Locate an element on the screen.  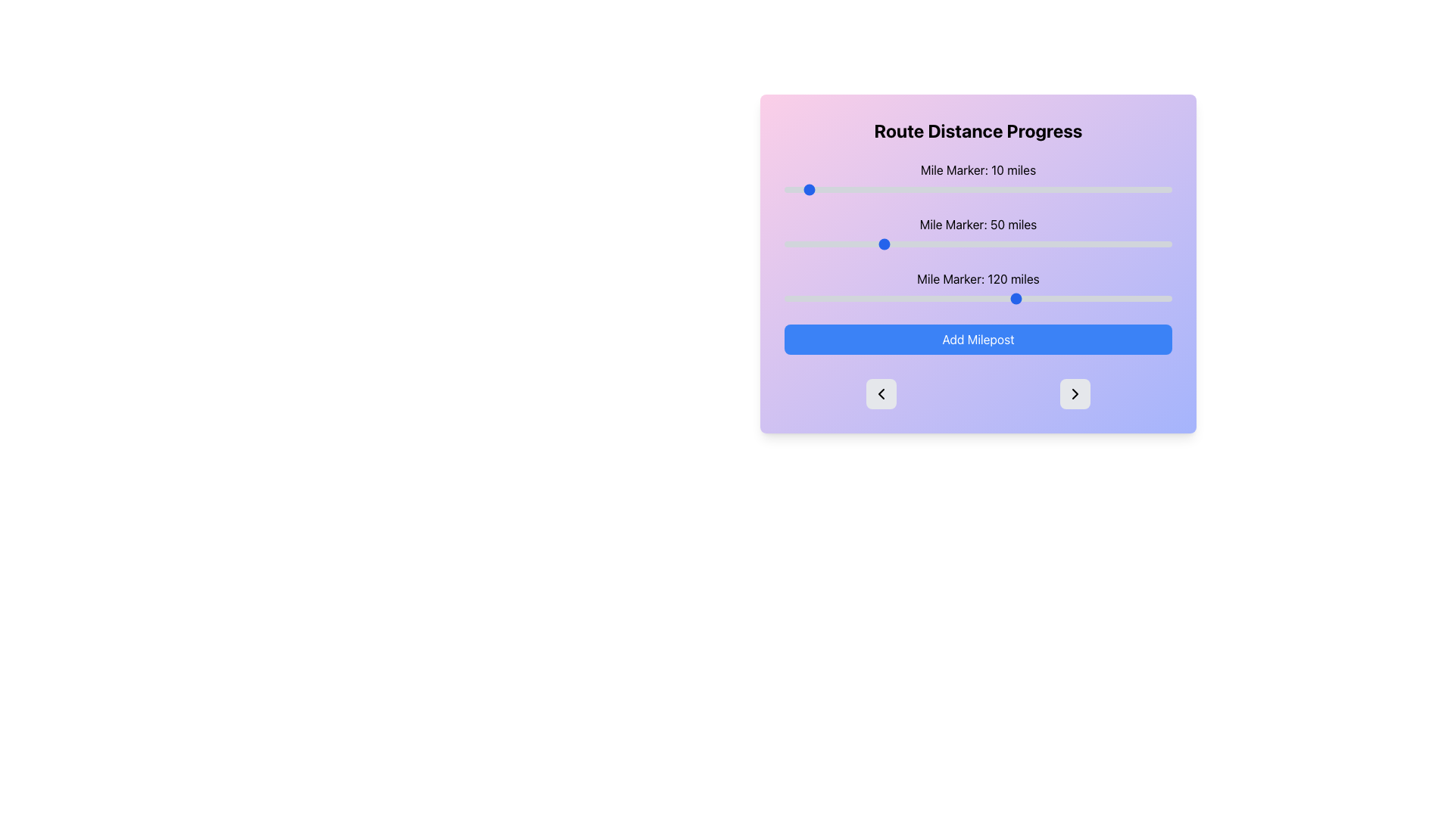
the left-chevron SVG icon located within a circular button in the bottom left of the dialog interface is located at coordinates (881, 393).